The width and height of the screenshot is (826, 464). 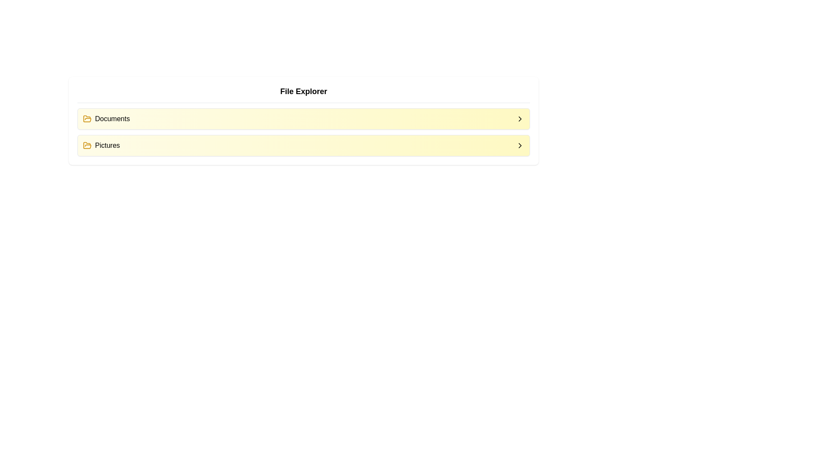 I want to click on the open folder icon representing the 'Documents' folder in the file explorer interface for informational purposes, so click(x=87, y=145).